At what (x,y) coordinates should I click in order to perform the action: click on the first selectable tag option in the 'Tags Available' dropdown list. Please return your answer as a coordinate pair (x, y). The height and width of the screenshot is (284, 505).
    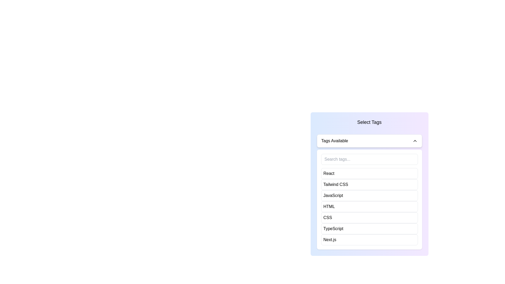
    Looking at the image, I should click on (328, 173).